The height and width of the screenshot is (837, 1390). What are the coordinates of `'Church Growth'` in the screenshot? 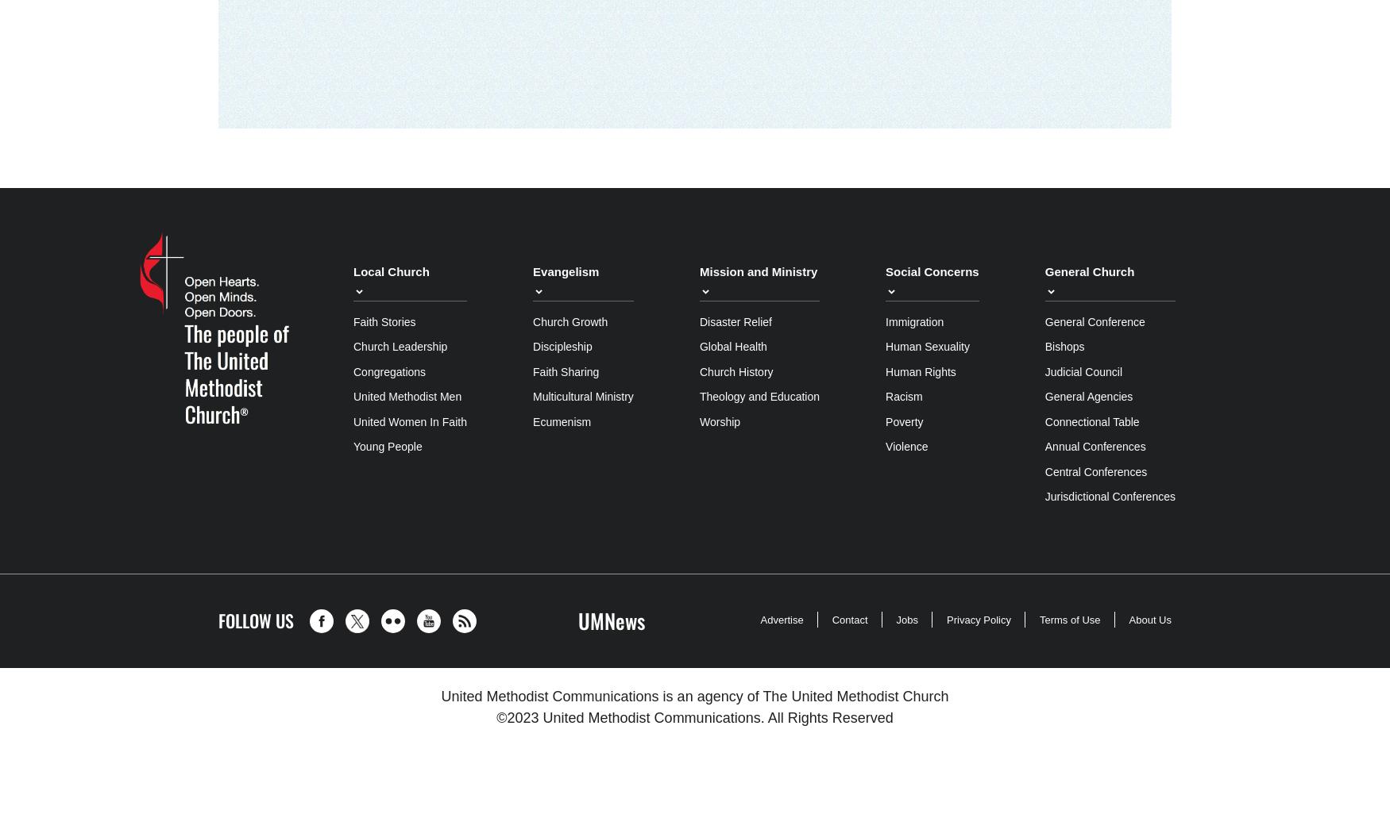 It's located at (570, 321).